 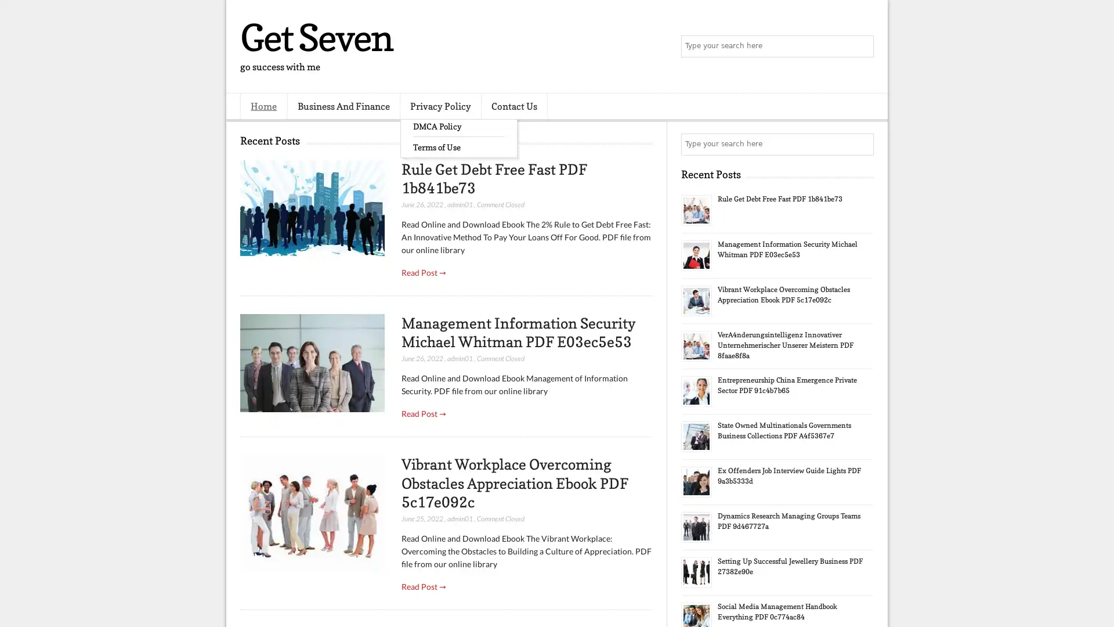 What do you see at coordinates (862, 144) in the screenshot?
I see `Search` at bounding box center [862, 144].